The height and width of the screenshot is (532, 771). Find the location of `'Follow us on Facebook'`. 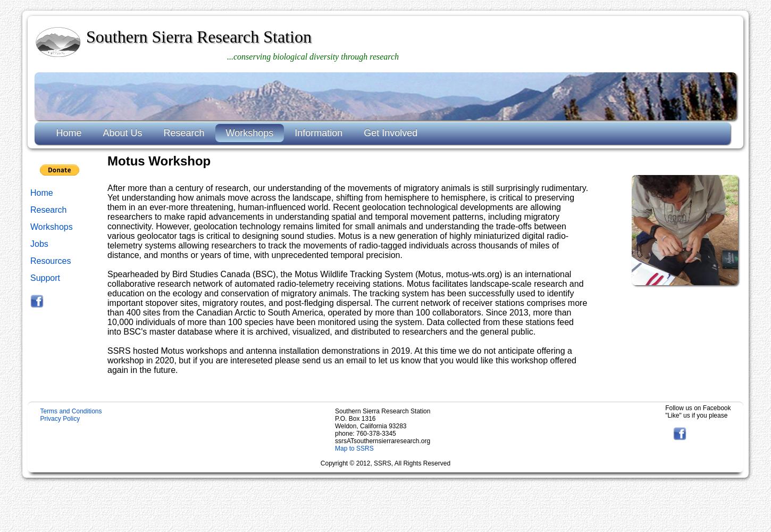

'Follow us on Facebook' is located at coordinates (665, 408).